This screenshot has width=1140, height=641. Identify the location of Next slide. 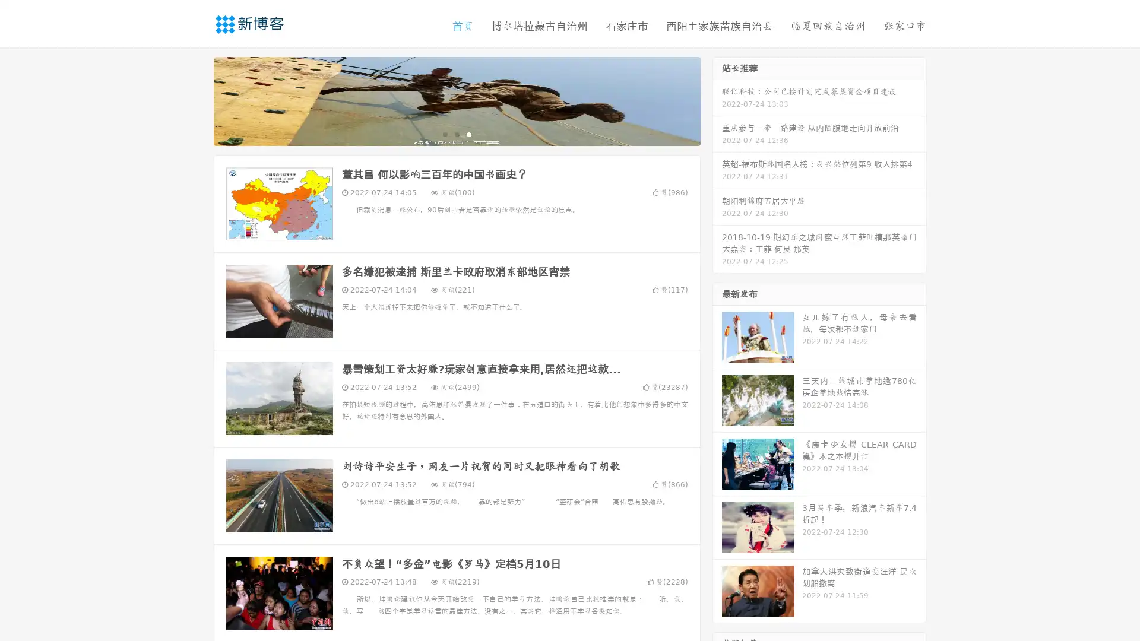
(717, 100).